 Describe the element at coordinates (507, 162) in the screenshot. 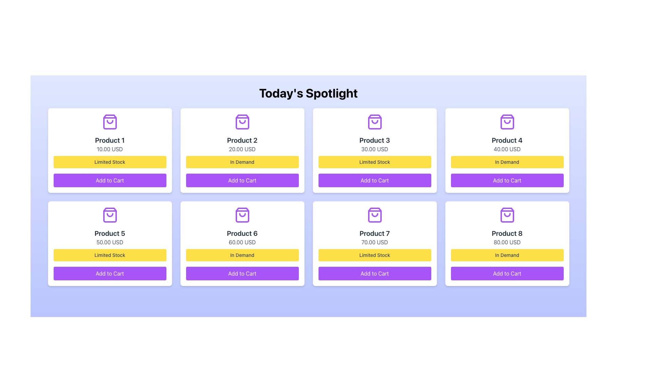

I see `the 'In Demand' status indicator badge, which is a yellow rectangular badge with gray text, located in the fourth card of the grid between the price label and the 'Add to Cart' button` at that location.